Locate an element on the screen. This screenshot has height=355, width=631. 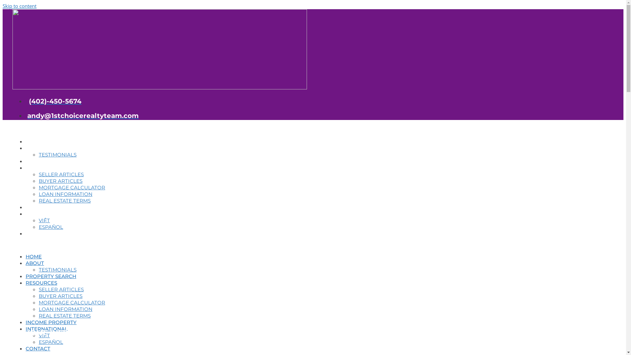
'Skip to content' is located at coordinates (19, 6).